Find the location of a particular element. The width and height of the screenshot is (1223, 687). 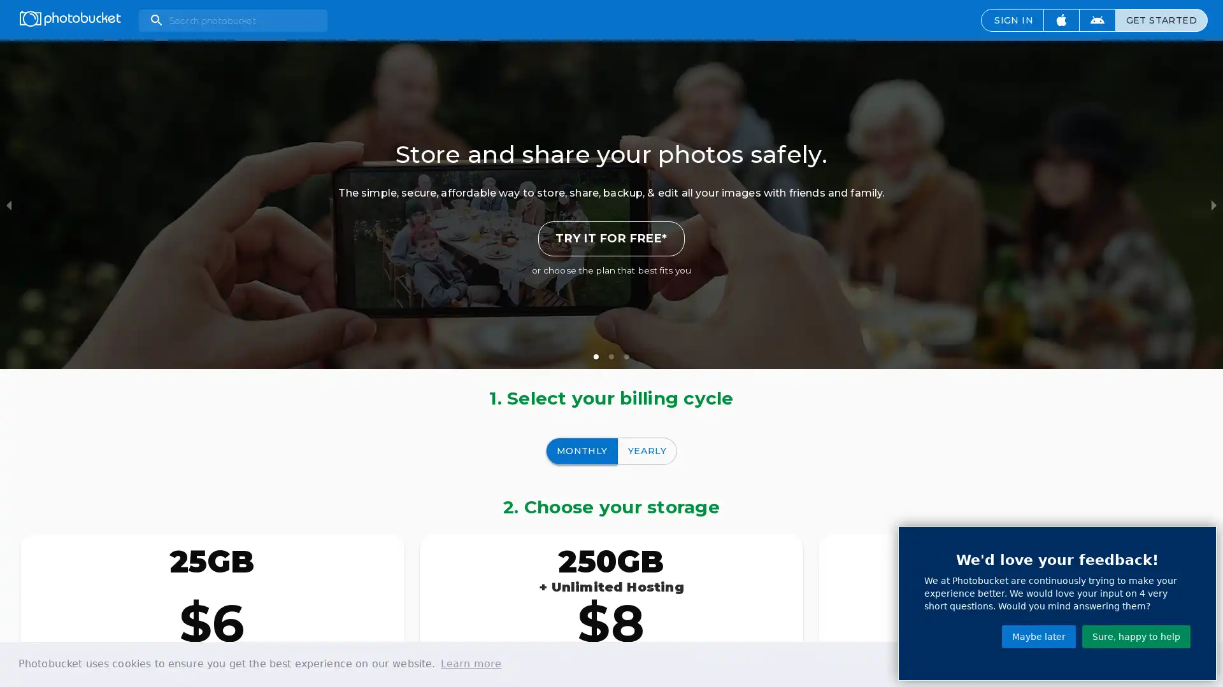

TRY IT FOR FREE* is located at coordinates (610, 238).